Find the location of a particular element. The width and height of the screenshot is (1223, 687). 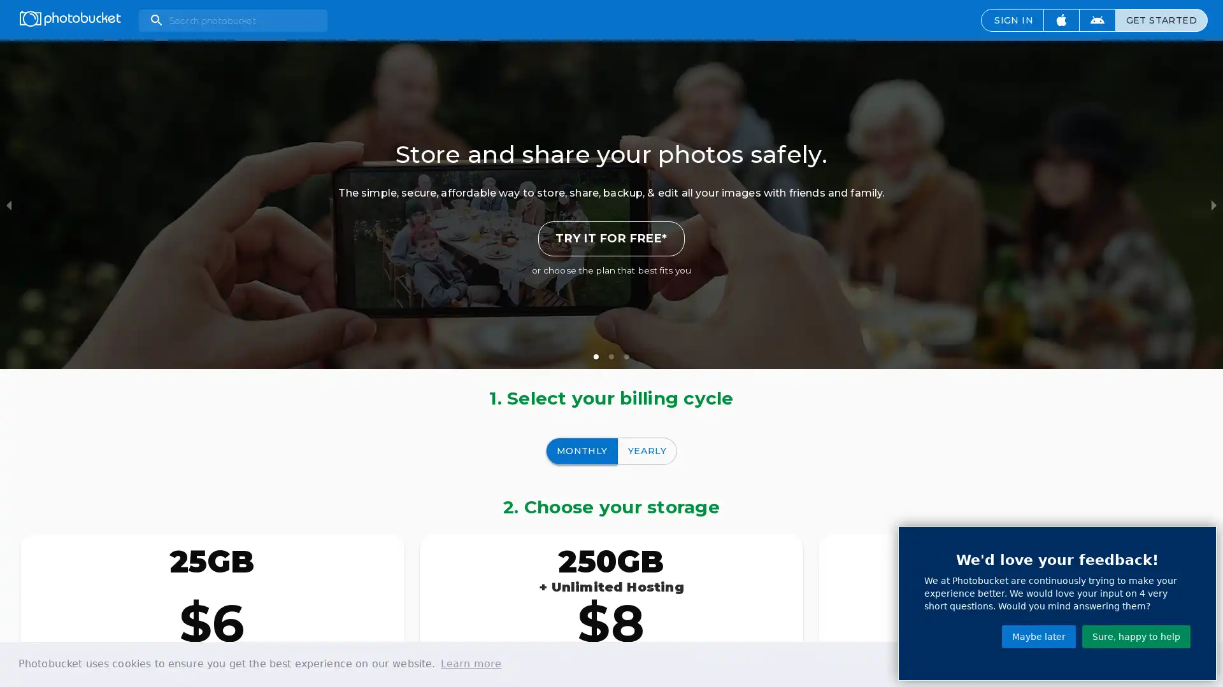

TRY IT FOR FREE* is located at coordinates (610, 238).